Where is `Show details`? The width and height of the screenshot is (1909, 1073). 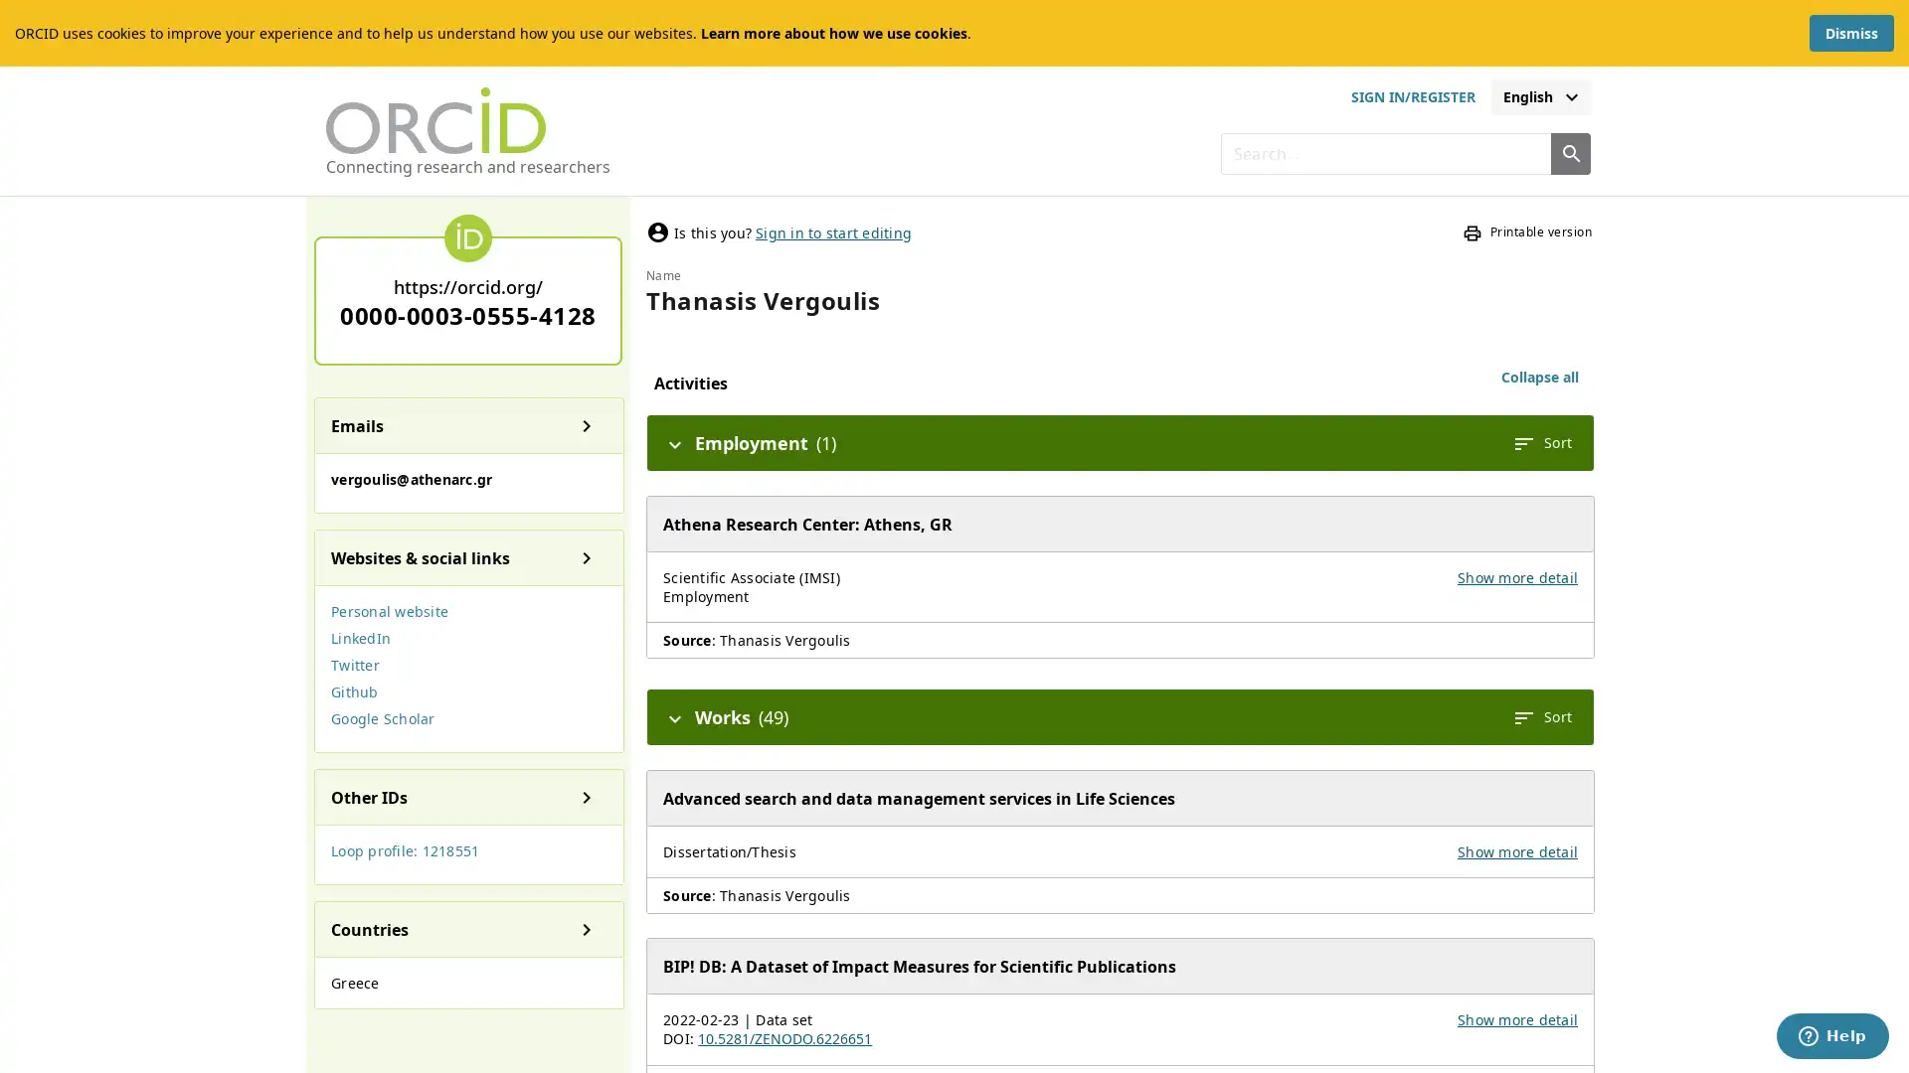
Show details is located at coordinates (586, 556).